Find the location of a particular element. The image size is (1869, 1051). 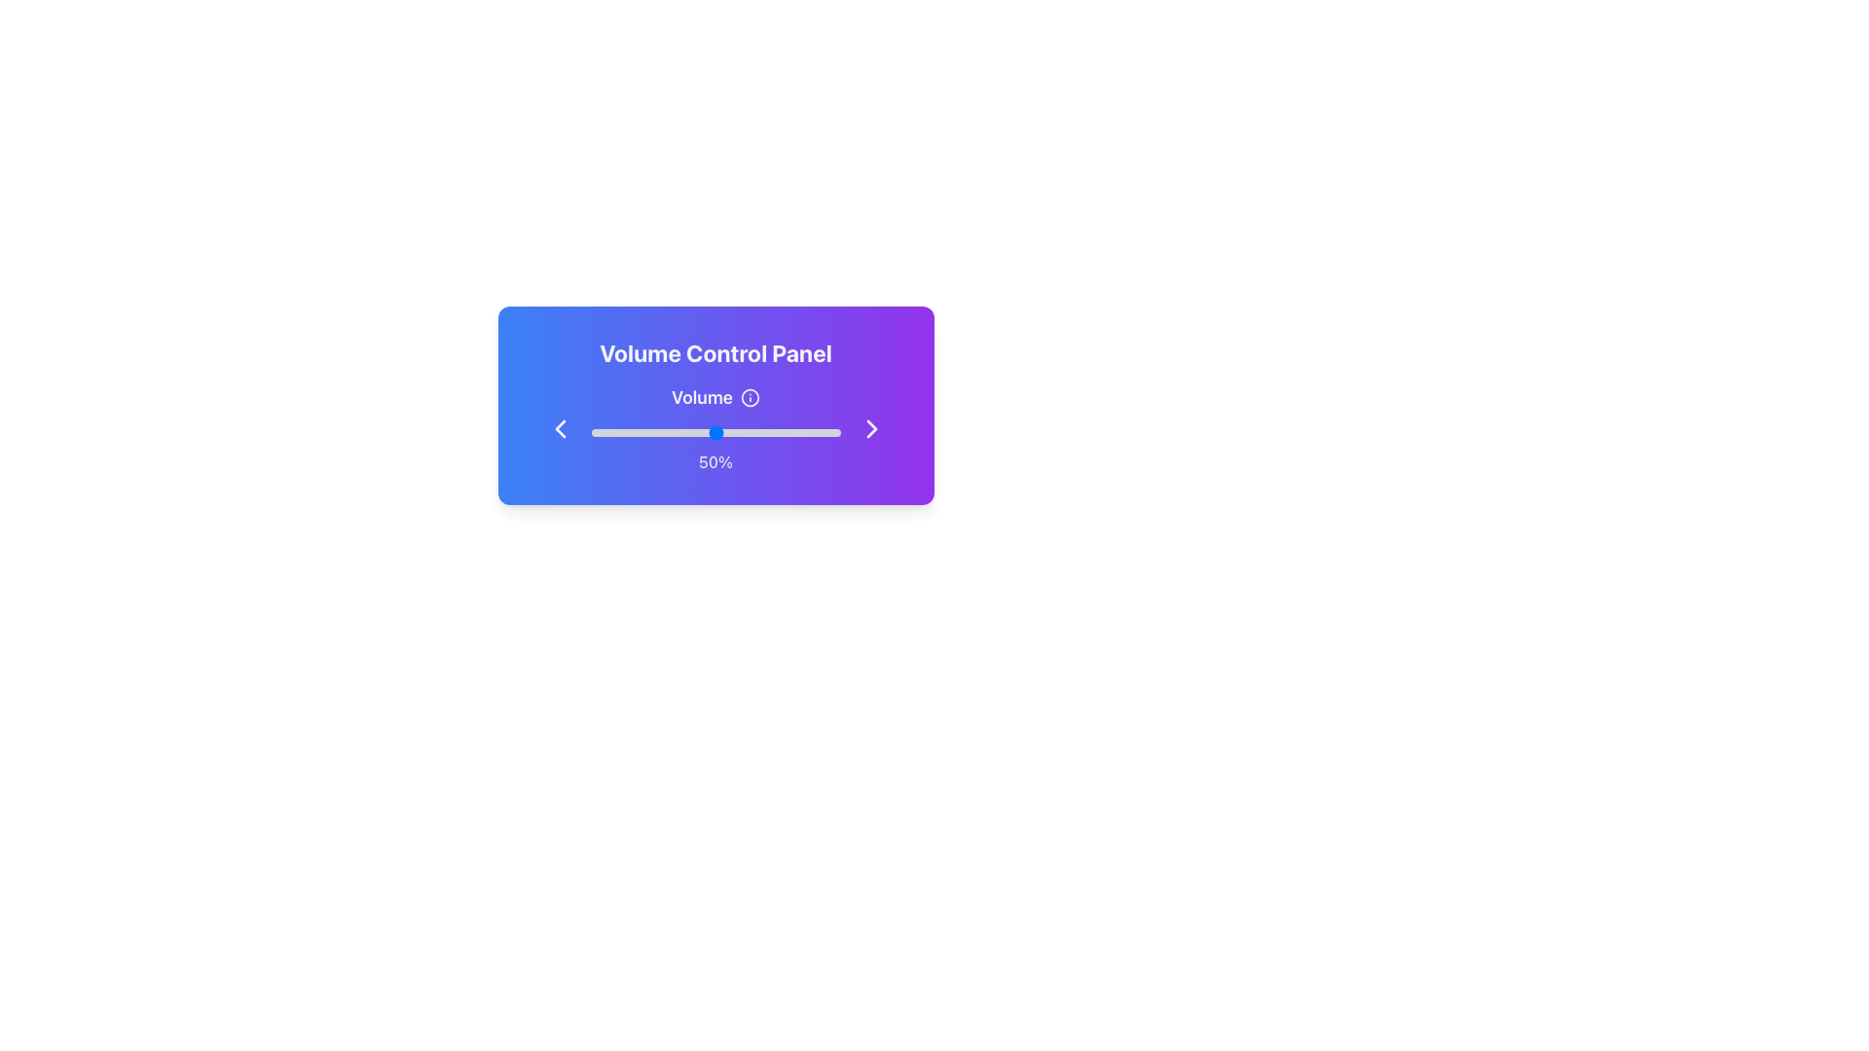

the Chevron Icon button located at the far-right of the Volume Control Panel to interact and potentially increase the volume is located at coordinates (870, 427).